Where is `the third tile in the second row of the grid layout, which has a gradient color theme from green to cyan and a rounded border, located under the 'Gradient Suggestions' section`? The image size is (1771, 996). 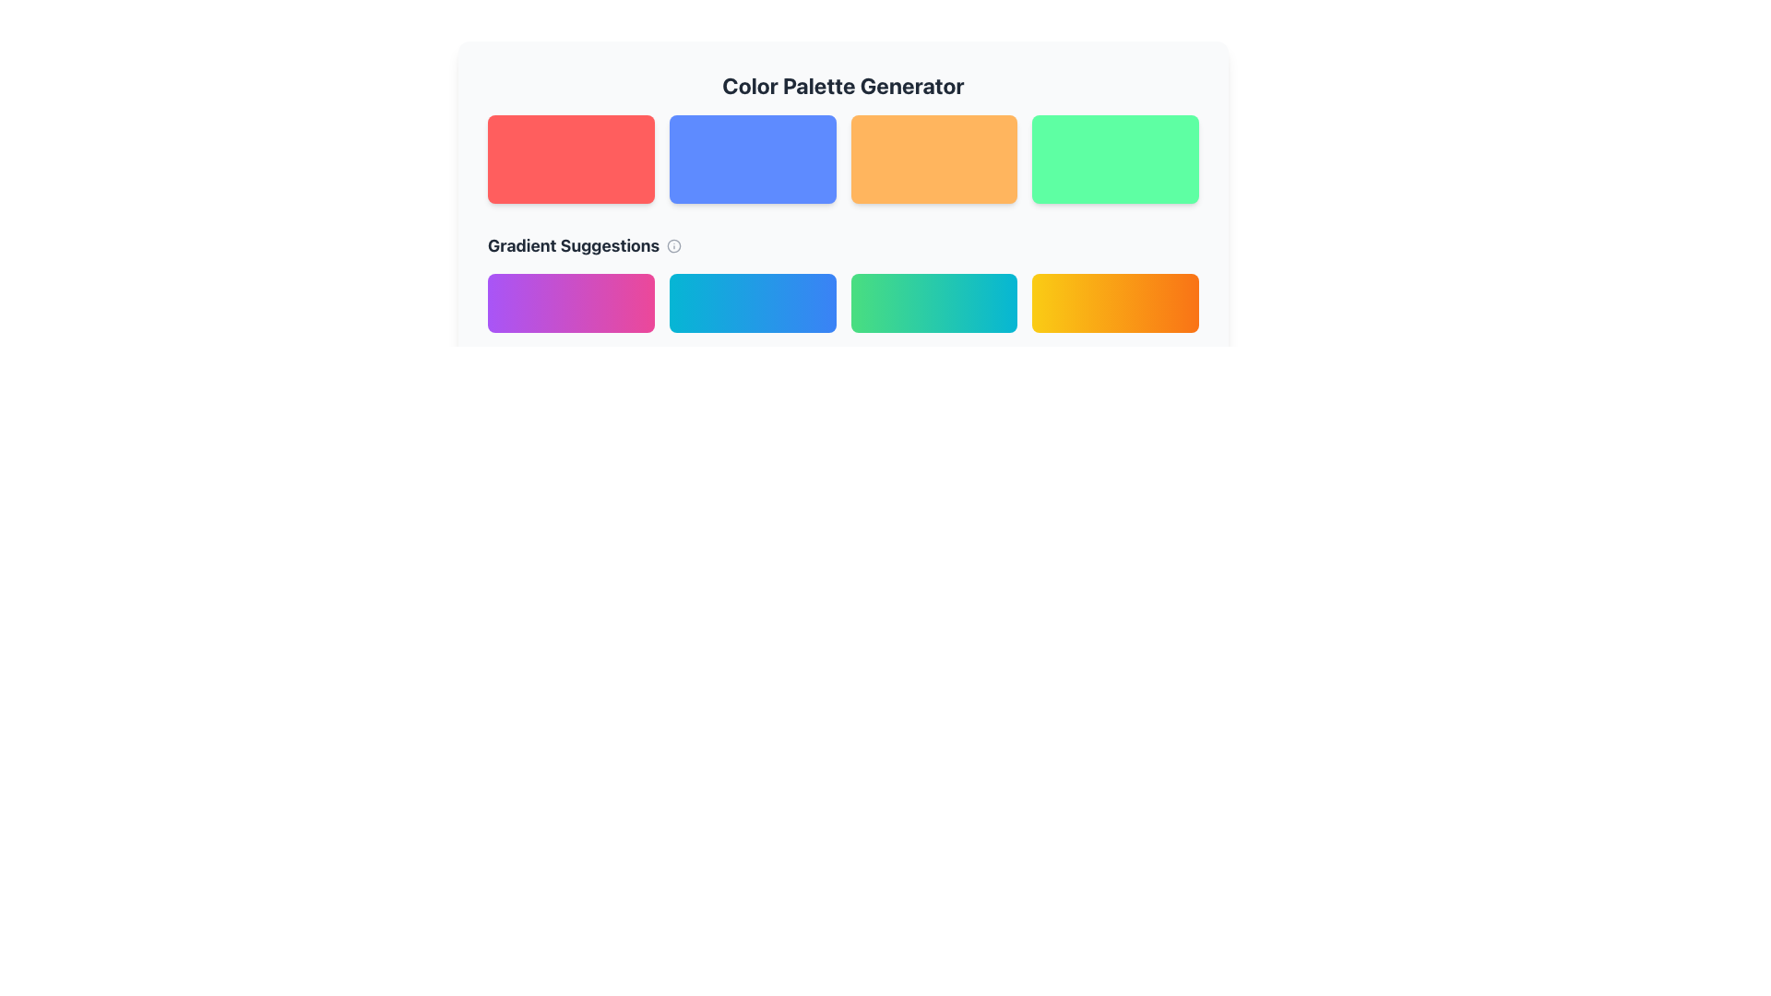
the third tile in the second row of the grid layout, which has a gradient color theme from green to cyan and a rounded border, located under the 'Gradient Suggestions' section is located at coordinates (842, 277).